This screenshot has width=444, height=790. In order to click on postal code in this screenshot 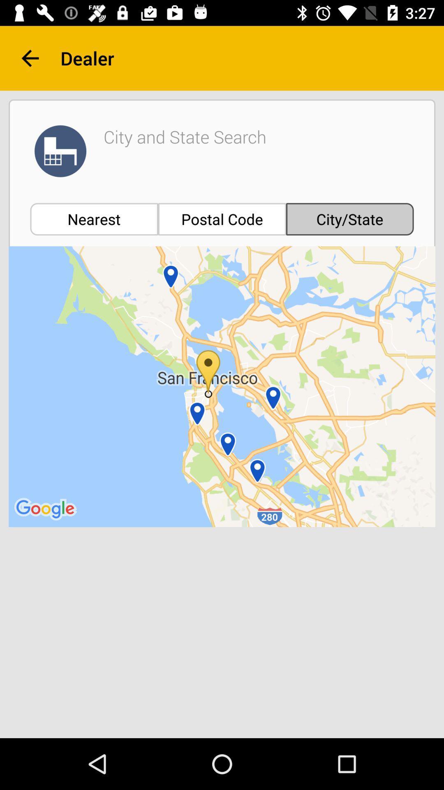, I will do `click(222, 219)`.